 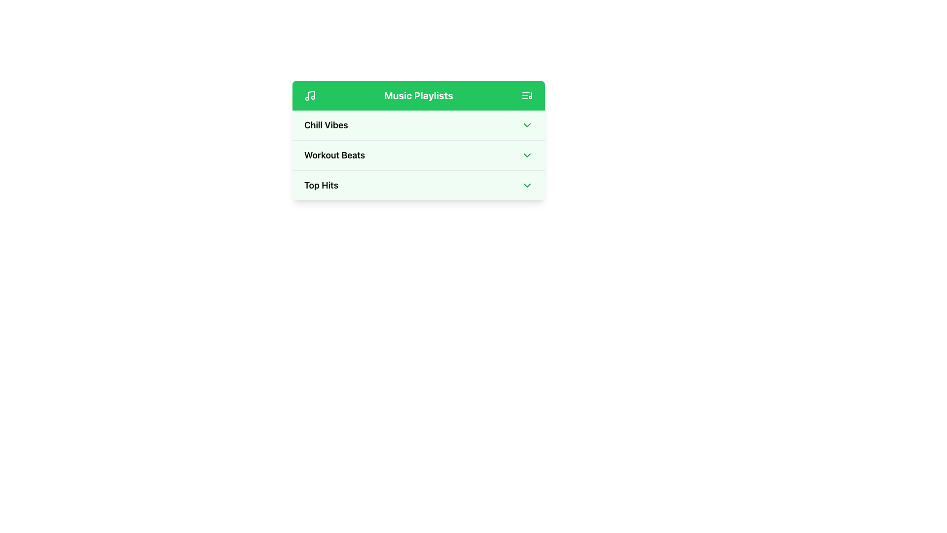 What do you see at coordinates (527, 185) in the screenshot?
I see `the green downward-pointing chevron icon at the far right of the 'Top Hits' row` at bounding box center [527, 185].